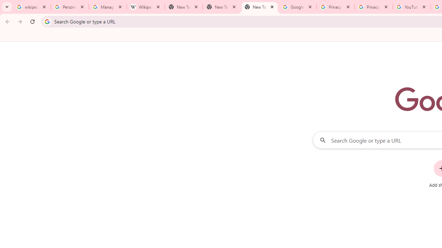  Describe the element at coordinates (411, 7) in the screenshot. I see `'YouTube'` at that location.